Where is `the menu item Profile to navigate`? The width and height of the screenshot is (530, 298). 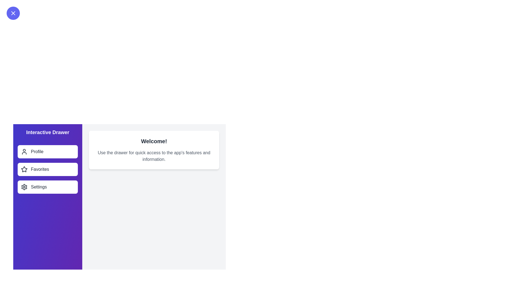
the menu item Profile to navigate is located at coordinates (47, 152).